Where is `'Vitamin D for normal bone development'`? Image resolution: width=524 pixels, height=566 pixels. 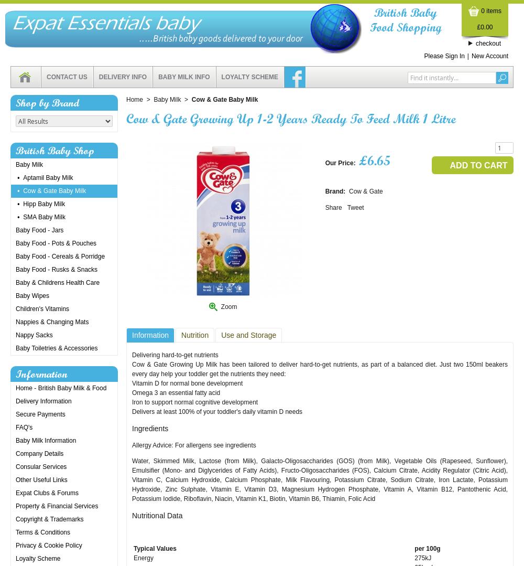
'Vitamin D for normal bone development' is located at coordinates (132, 383).